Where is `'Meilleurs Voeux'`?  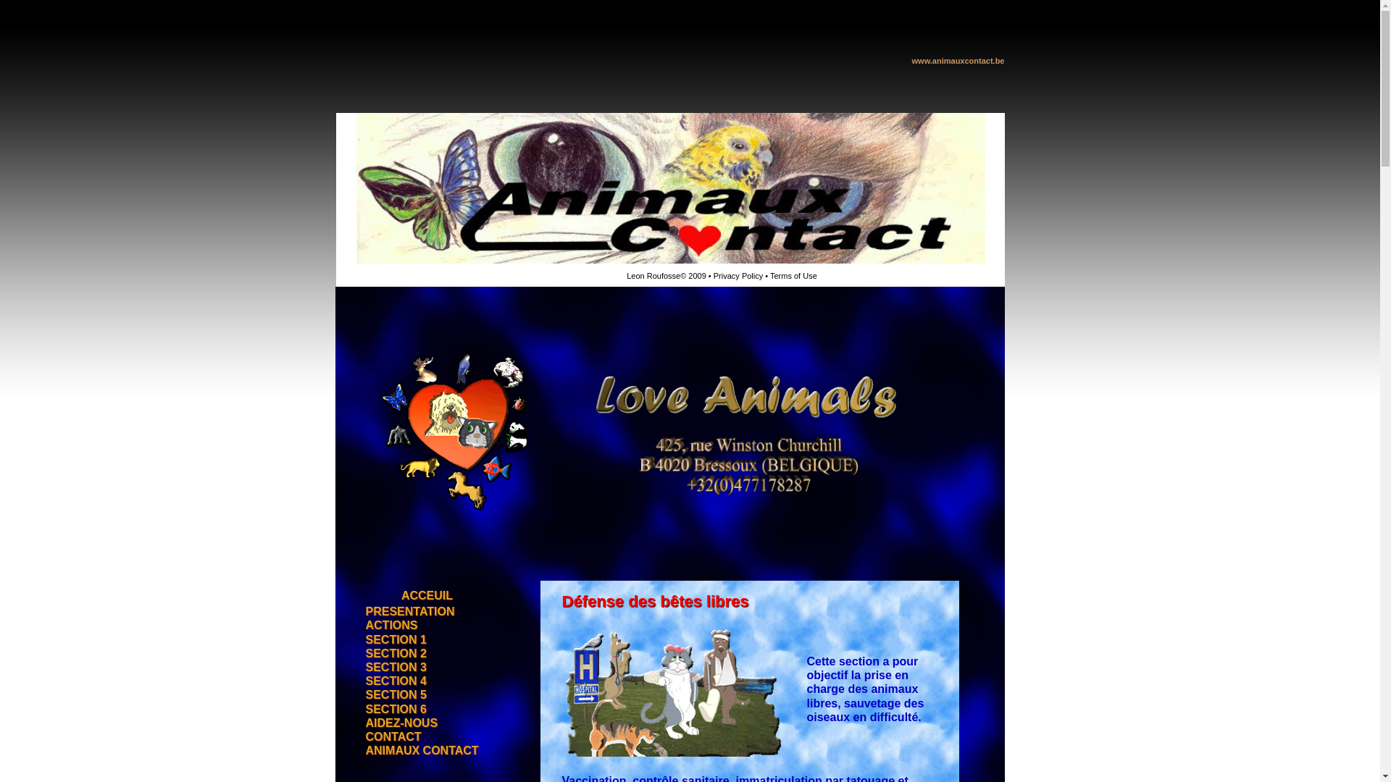
'Meilleurs Voeux' is located at coordinates (356, 566).